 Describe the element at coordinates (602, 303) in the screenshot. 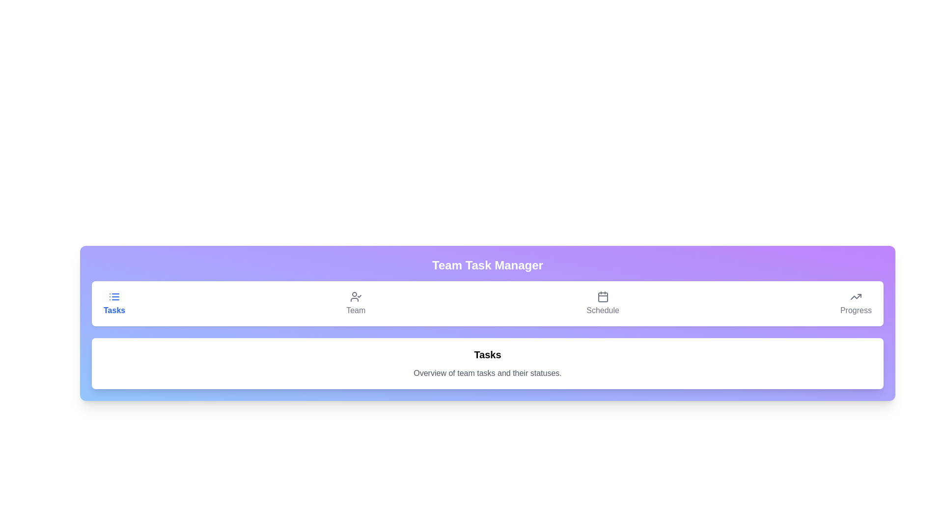

I see `the interactive button with a calendar icon and the text 'Schedule' located in the top navigation bar, positioned between the 'Team' and 'Progress' elements` at that location.